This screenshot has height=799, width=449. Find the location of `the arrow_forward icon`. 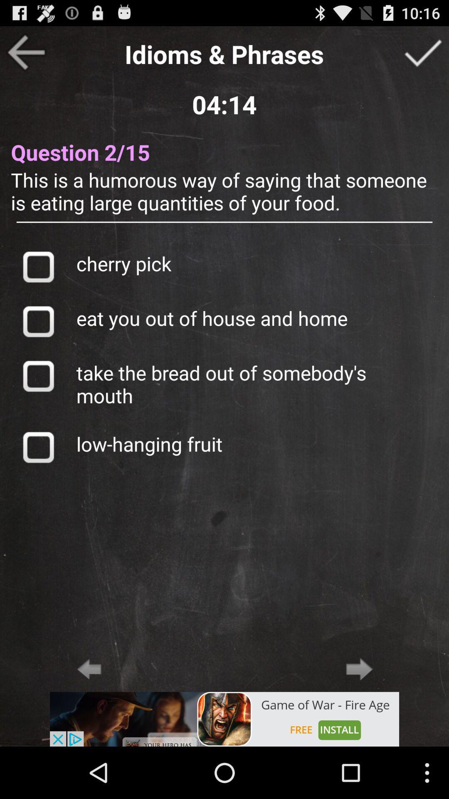

the arrow_forward icon is located at coordinates (359, 715).